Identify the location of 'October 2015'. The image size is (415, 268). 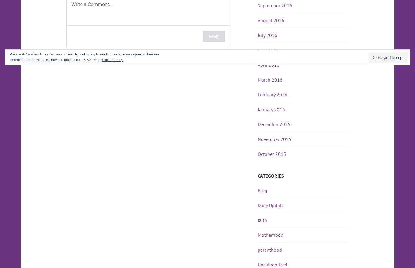
(272, 154).